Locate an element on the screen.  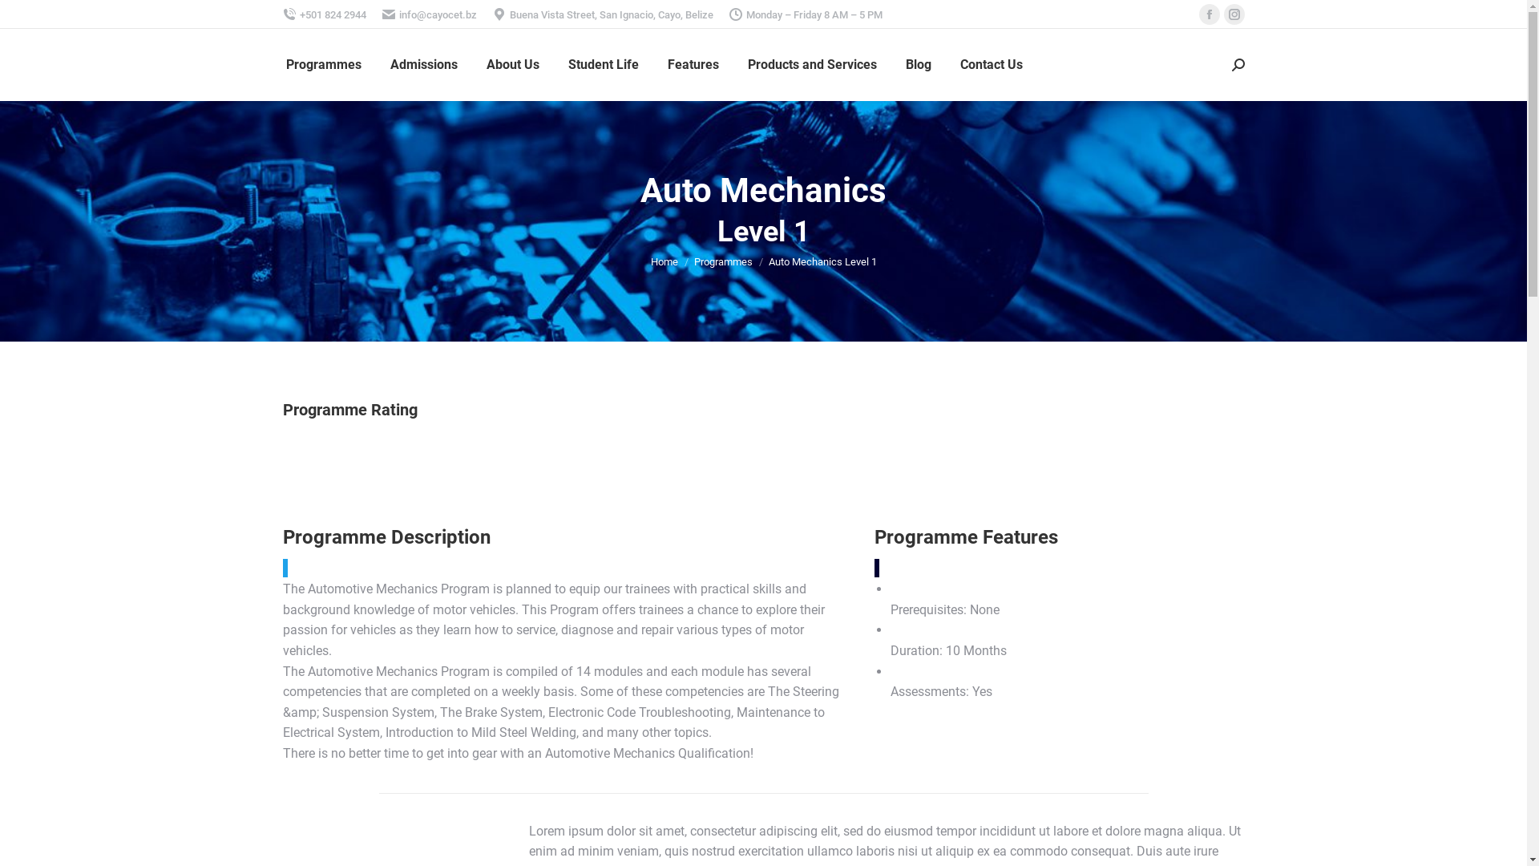
'Features' is located at coordinates (693, 64).